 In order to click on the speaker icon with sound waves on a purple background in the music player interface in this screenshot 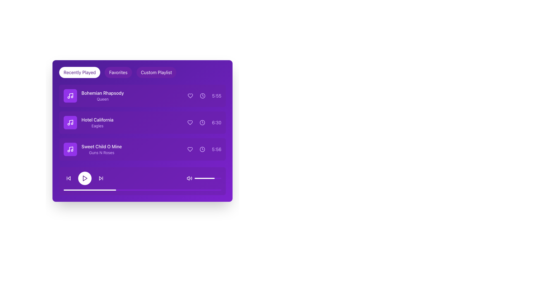, I will do `click(189, 178)`.